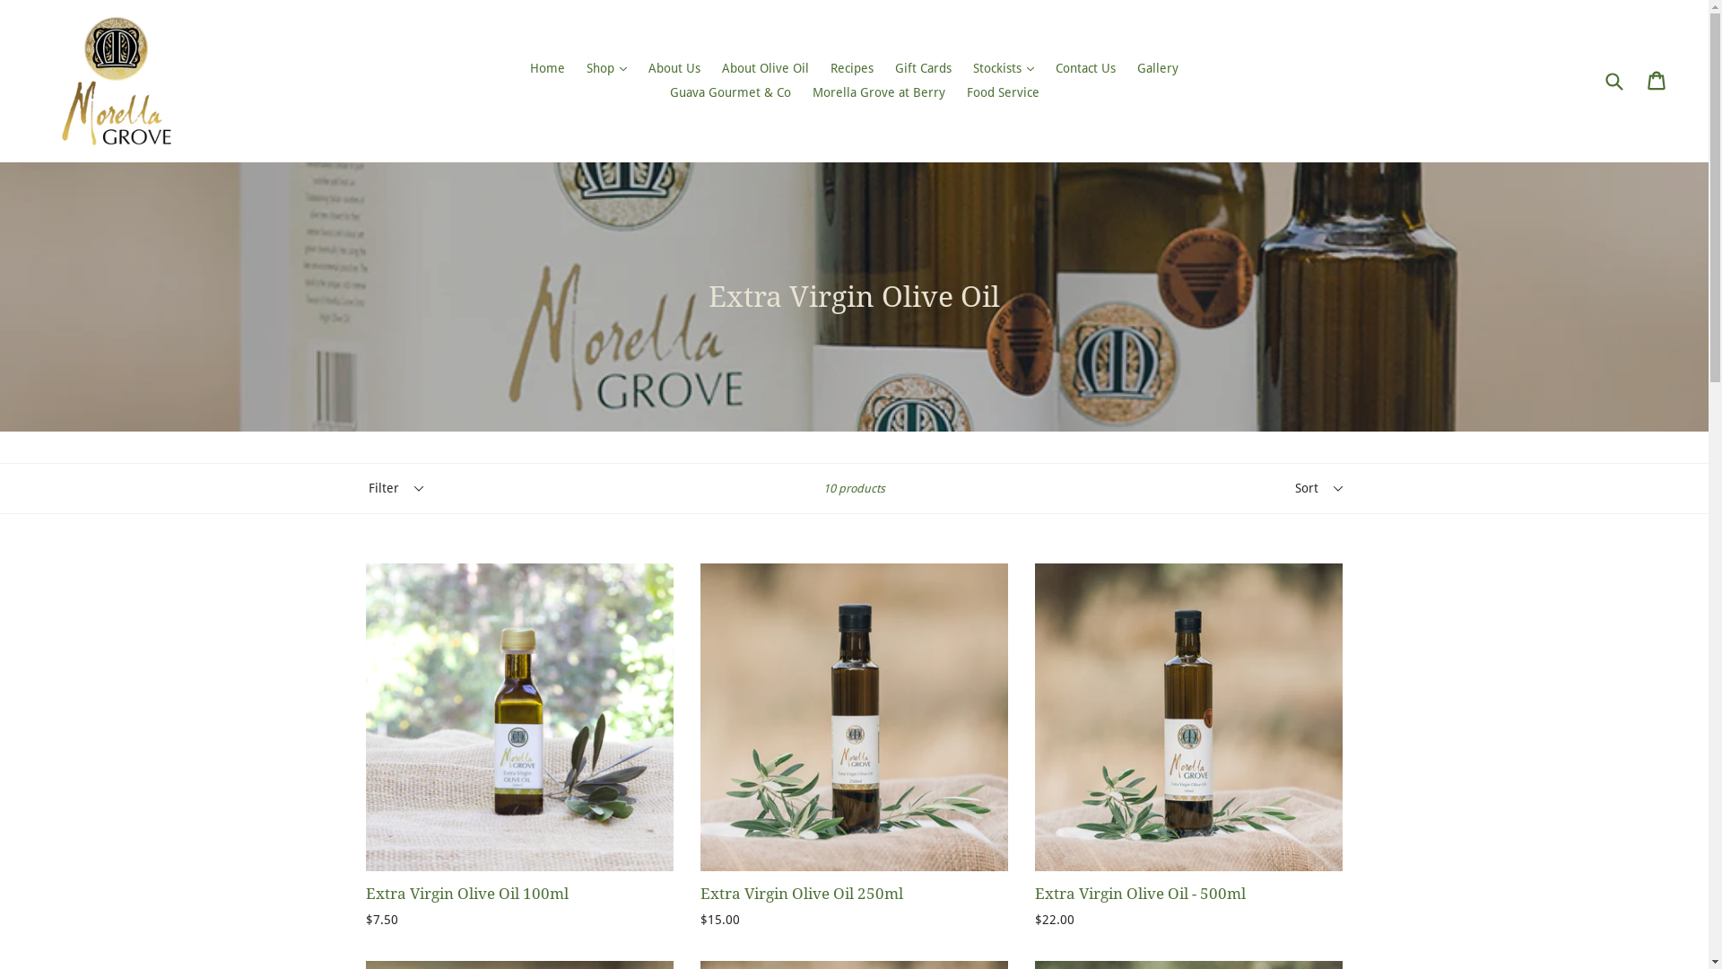 The height and width of the screenshot is (969, 1722). What do you see at coordinates (1034, 746) in the screenshot?
I see `'Extra Virgin Olive Oil - 500ml` at bounding box center [1034, 746].